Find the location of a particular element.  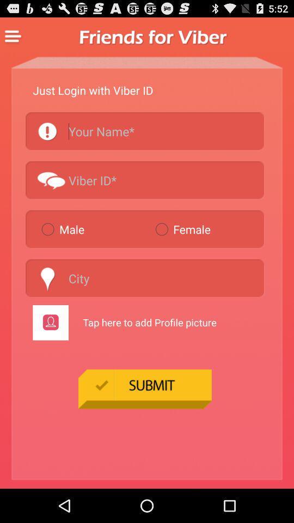

display menu is located at coordinates (13, 37).